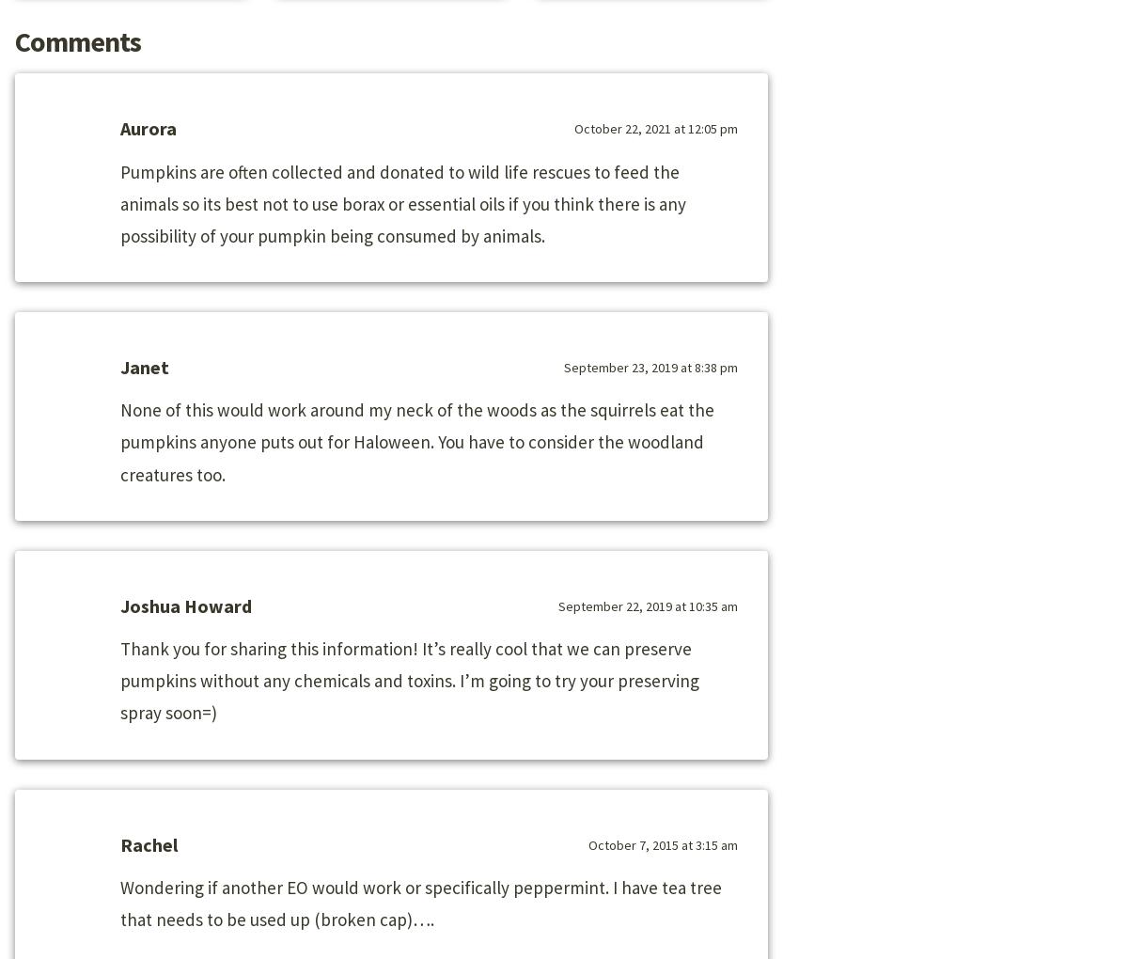 The width and height of the screenshot is (1128, 959). Describe the element at coordinates (143, 367) in the screenshot. I see `'Janet'` at that location.